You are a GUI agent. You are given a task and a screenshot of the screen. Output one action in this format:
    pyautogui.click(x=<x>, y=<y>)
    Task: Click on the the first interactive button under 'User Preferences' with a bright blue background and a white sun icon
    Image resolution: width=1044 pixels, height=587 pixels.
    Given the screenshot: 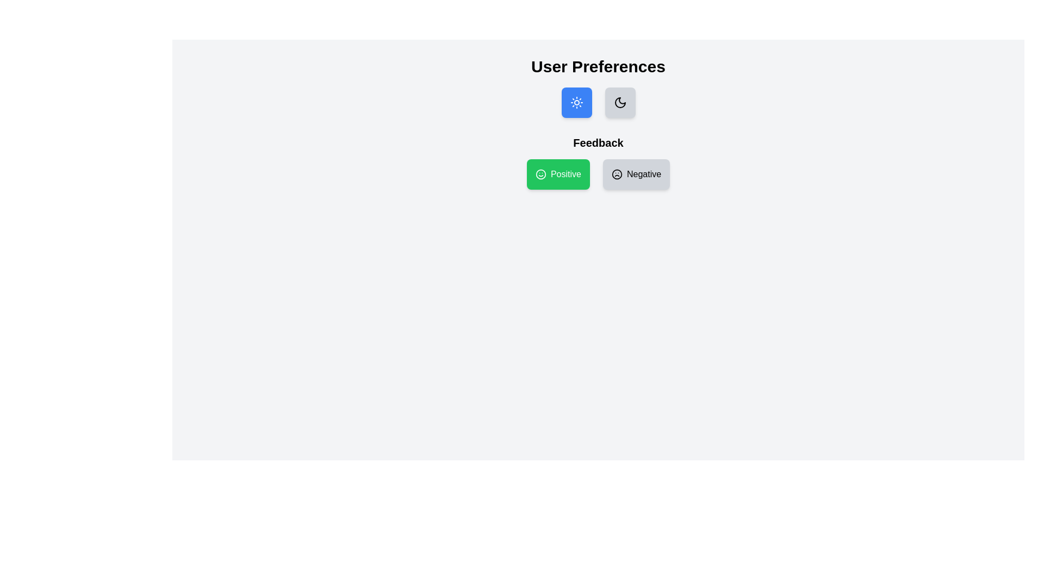 What is the action you would take?
    pyautogui.click(x=576, y=103)
    